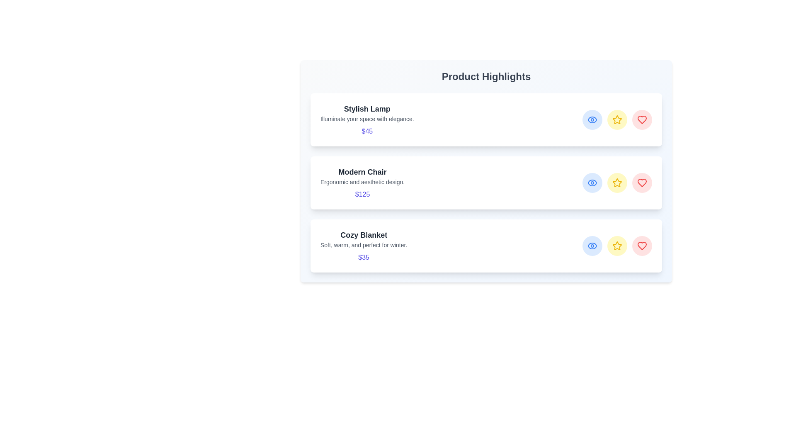 Image resolution: width=796 pixels, height=448 pixels. Describe the element at coordinates (617, 182) in the screenshot. I see `star icon for the product titled Modern Chair to mark it as a favorite` at that location.